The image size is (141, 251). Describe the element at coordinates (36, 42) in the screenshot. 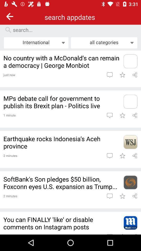

I see `the international` at that location.